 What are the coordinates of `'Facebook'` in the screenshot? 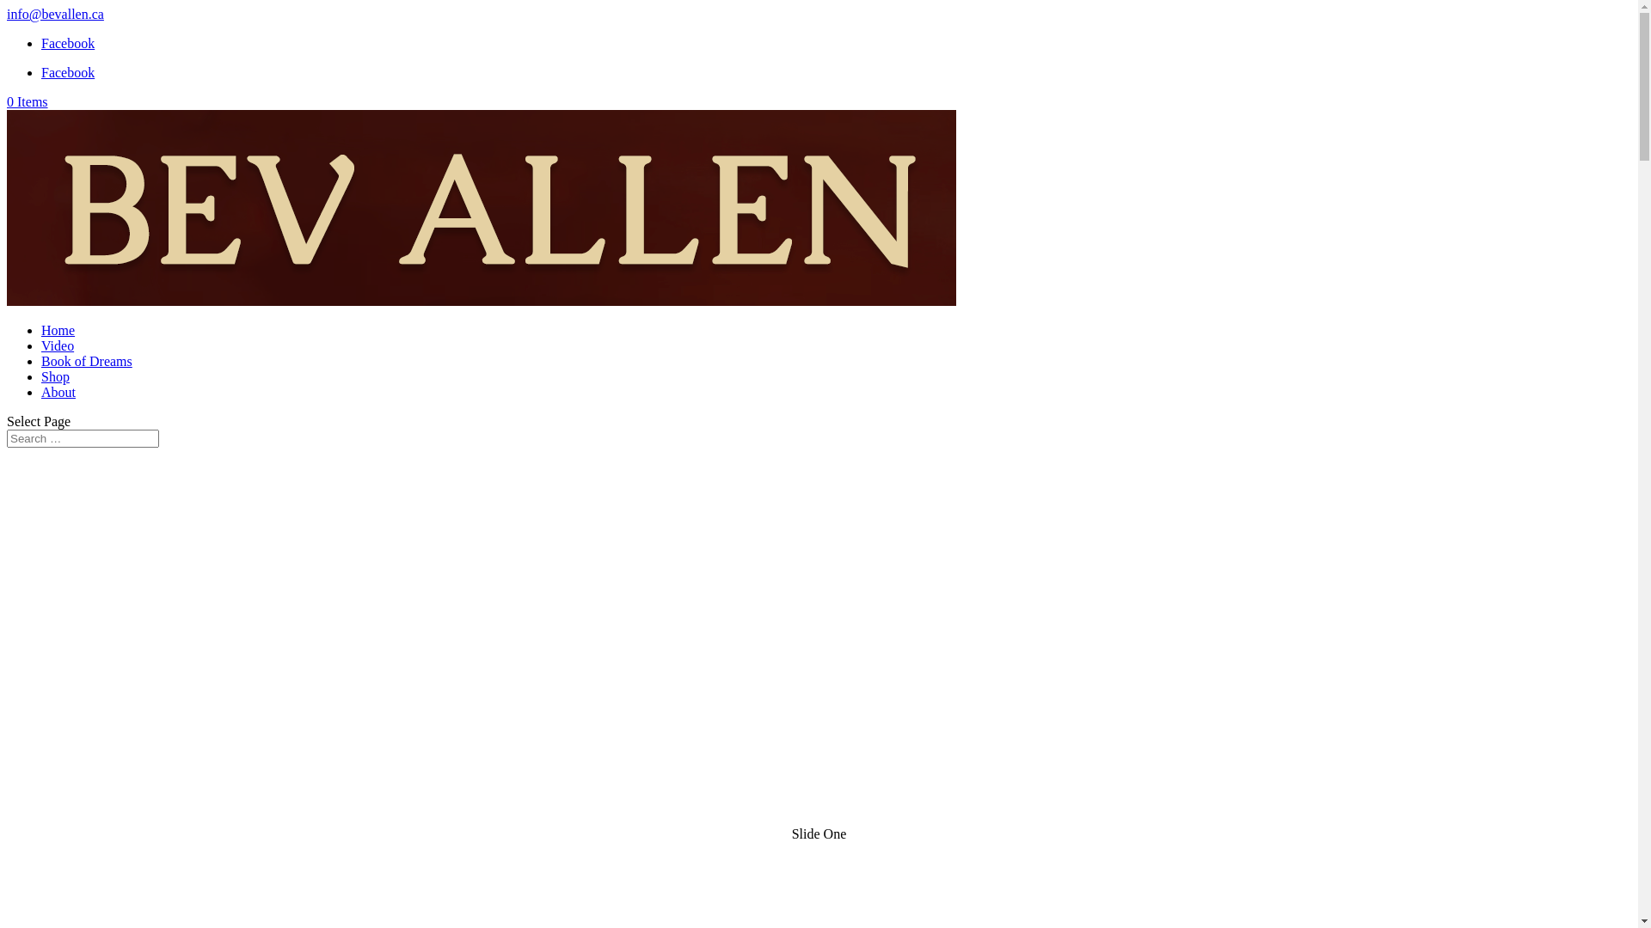 It's located at (67, 71).